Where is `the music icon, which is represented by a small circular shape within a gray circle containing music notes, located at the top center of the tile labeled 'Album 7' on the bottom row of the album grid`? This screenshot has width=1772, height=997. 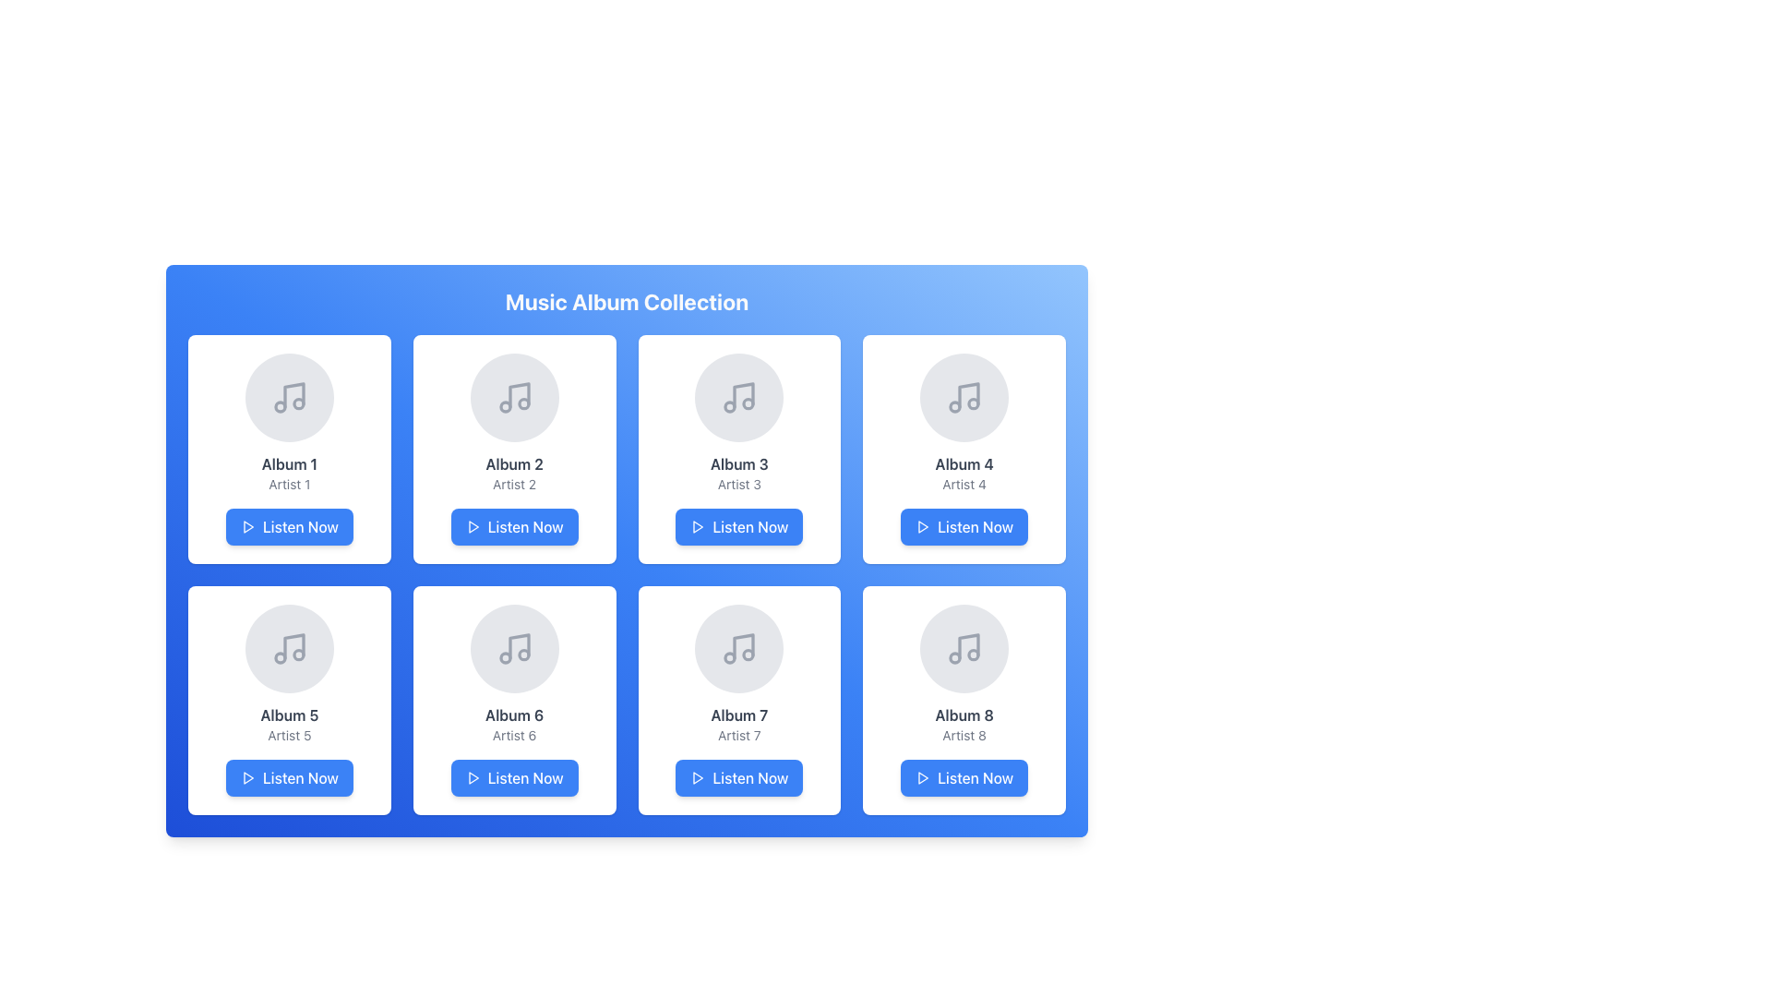
the music icon, which is represented by a small circular shape within a gray circle containing music notes, located at the top center of the tile labeled 'Album 7' on the bottom row of the album grid is located at coordinates (729, 657).